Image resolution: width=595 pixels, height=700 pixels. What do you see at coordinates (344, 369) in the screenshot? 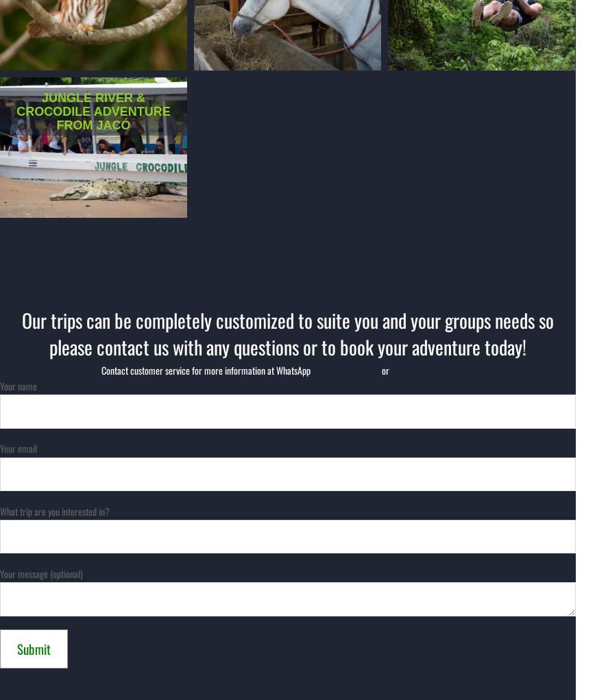
I see `'+(506) 8655-3434'` at bounding box center [344, 369].